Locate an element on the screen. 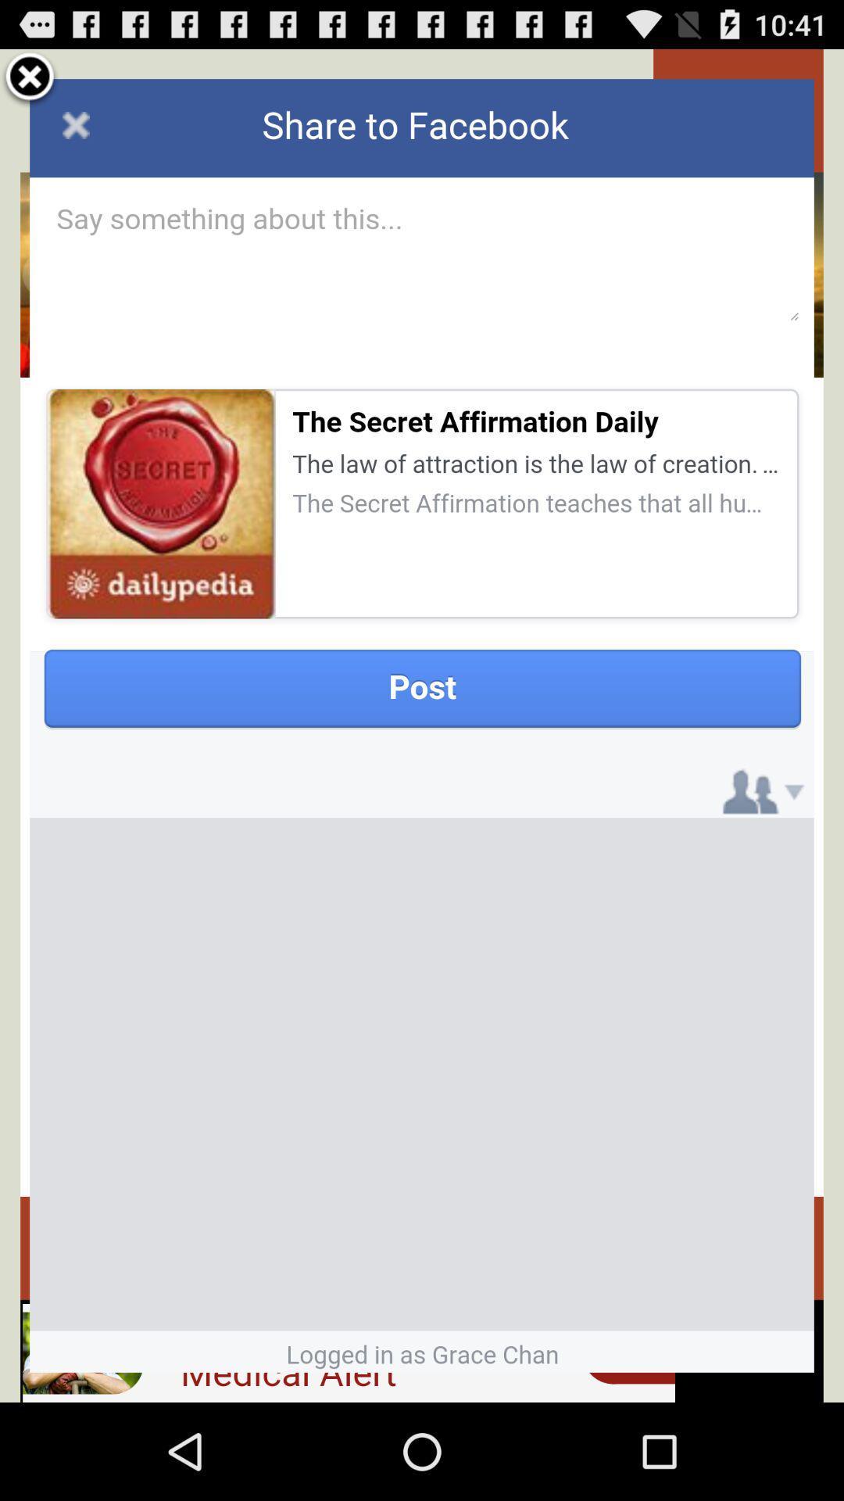 The height and width of the screenshot is (1501, 844). cancel is located at coordinates (30, 78).